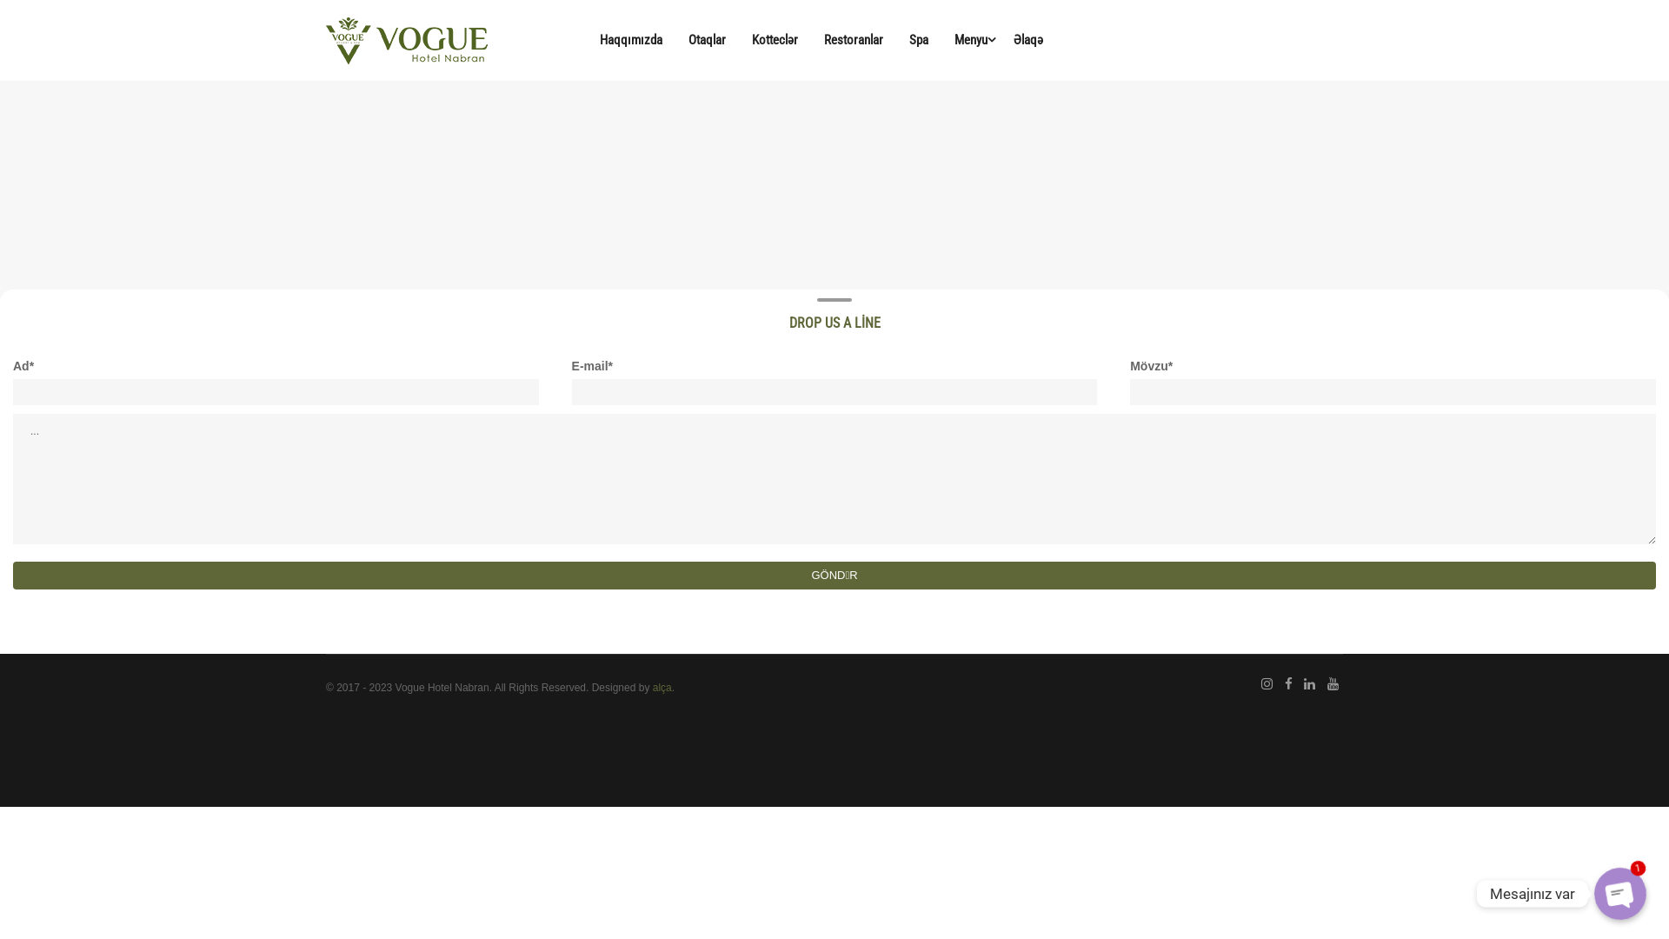 This screenshot has width=1669, height=939. What do you see at coordinates (917, 39) in the screenshot?
I see `'Spa'` at bounding box center [917, 39].